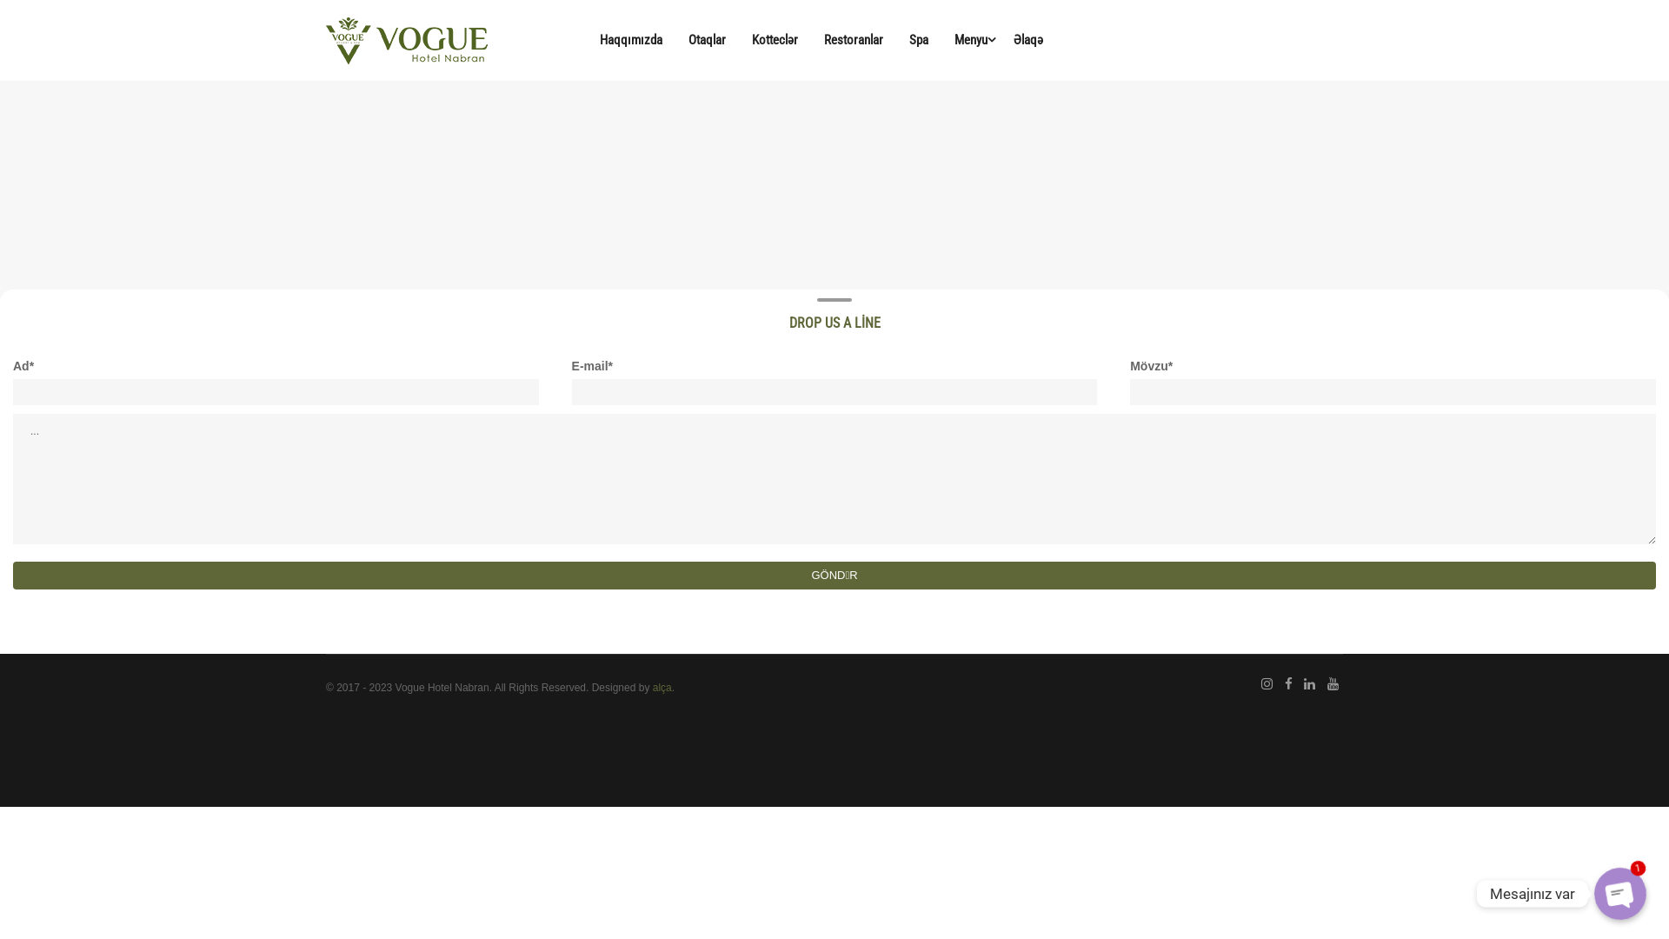 This screenshot has width=1669, height=939. What do you see at coordinates (917, 39) in the screenshot?
I see `'Spa'` at bounding box center [917, 39].